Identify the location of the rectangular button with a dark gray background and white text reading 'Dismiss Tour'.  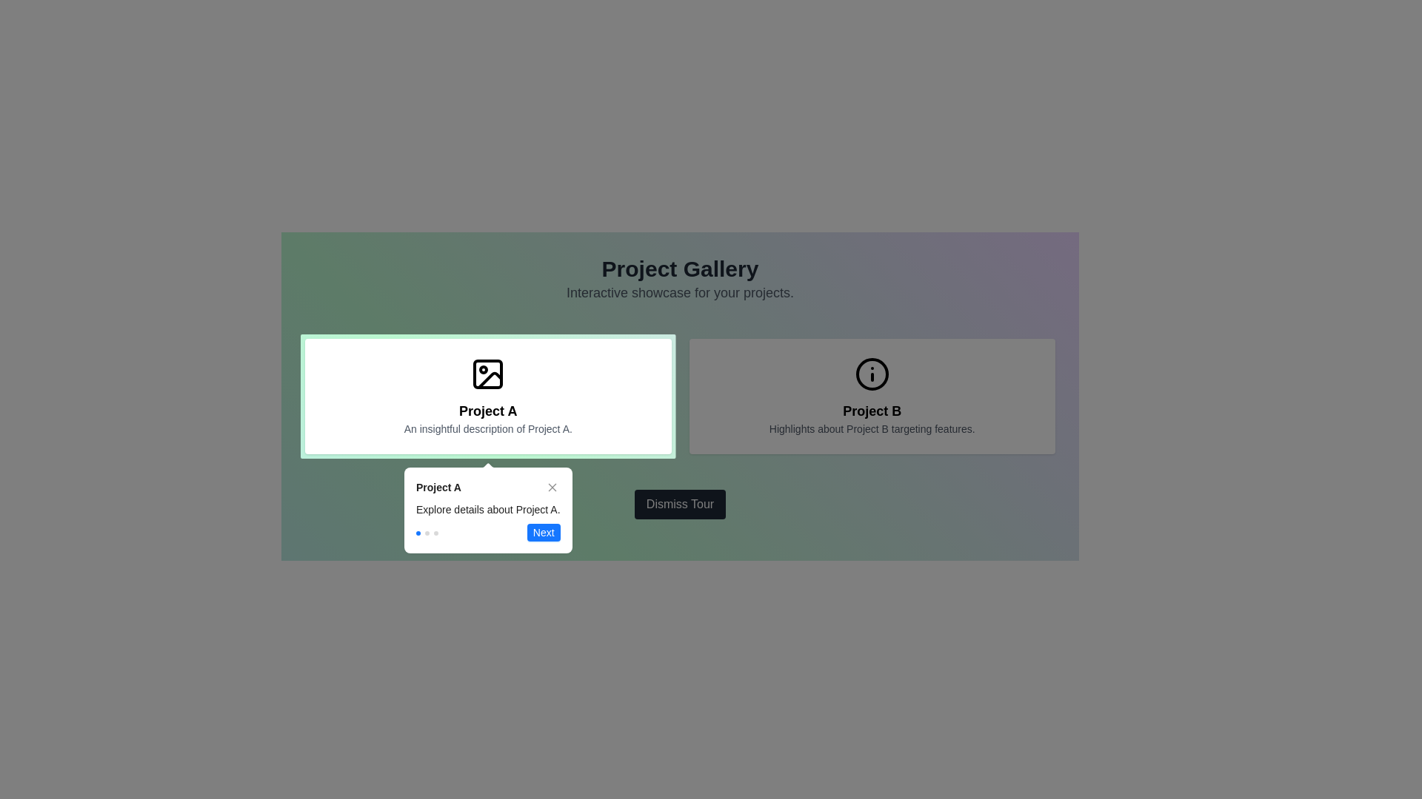
(679, 504).